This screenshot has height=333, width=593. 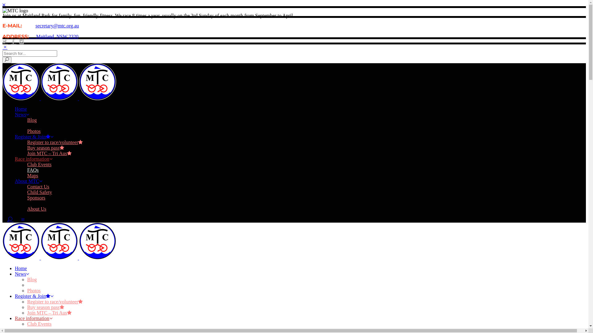 What do you see at coordinates (27, 208) in the screenshot?
I see `'About Us'` at bounding box center [27, 208].